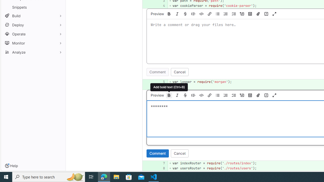  What do you see at coordinates (250, 95) in the screenshot?
I see `'Add a table'` at bounding box center [250, 95].